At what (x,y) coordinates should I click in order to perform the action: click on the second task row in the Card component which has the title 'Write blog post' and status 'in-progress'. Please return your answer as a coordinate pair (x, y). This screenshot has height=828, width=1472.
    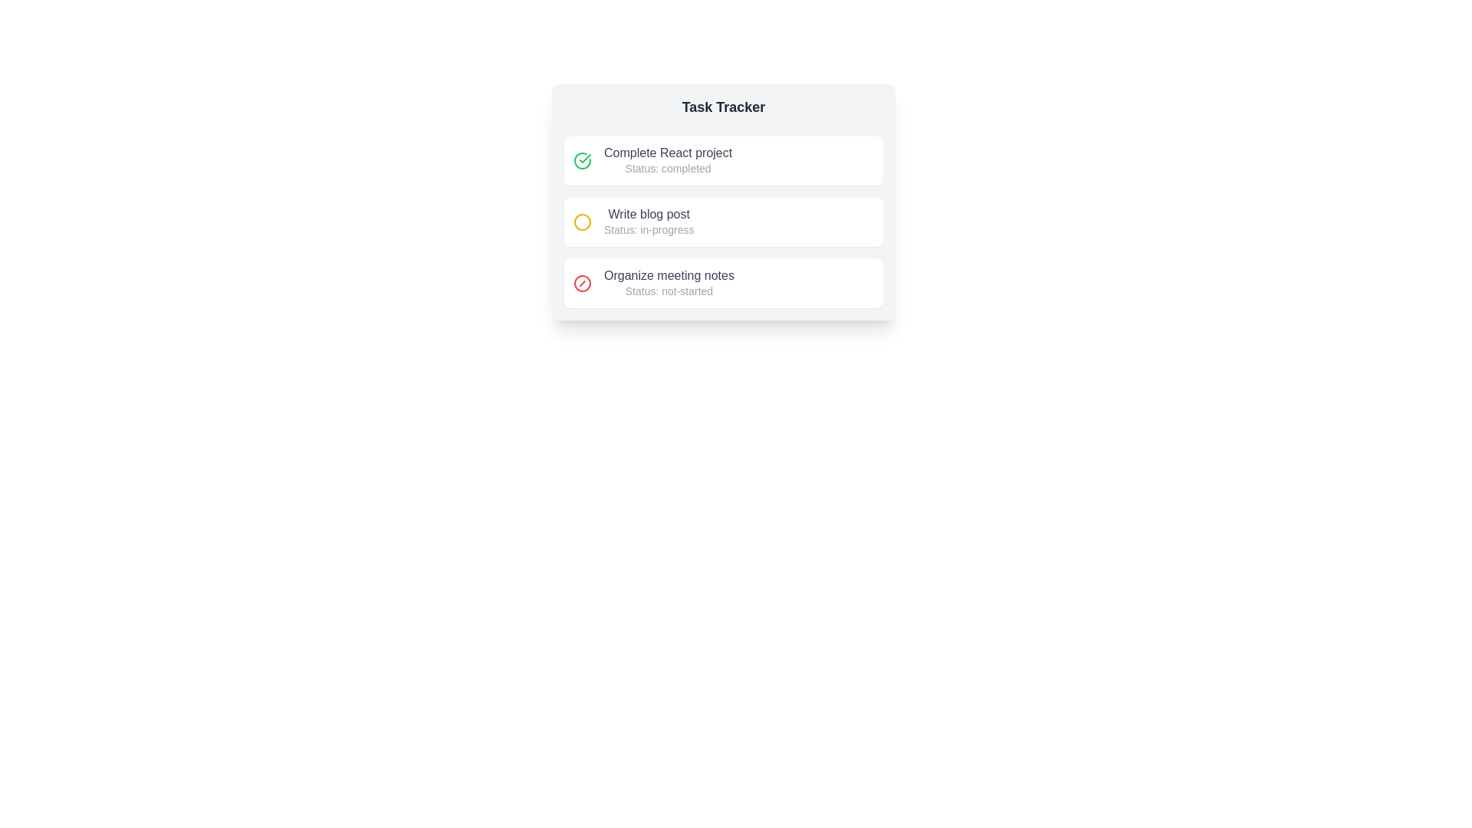
    Looking at the image, I should click on (723, 201).